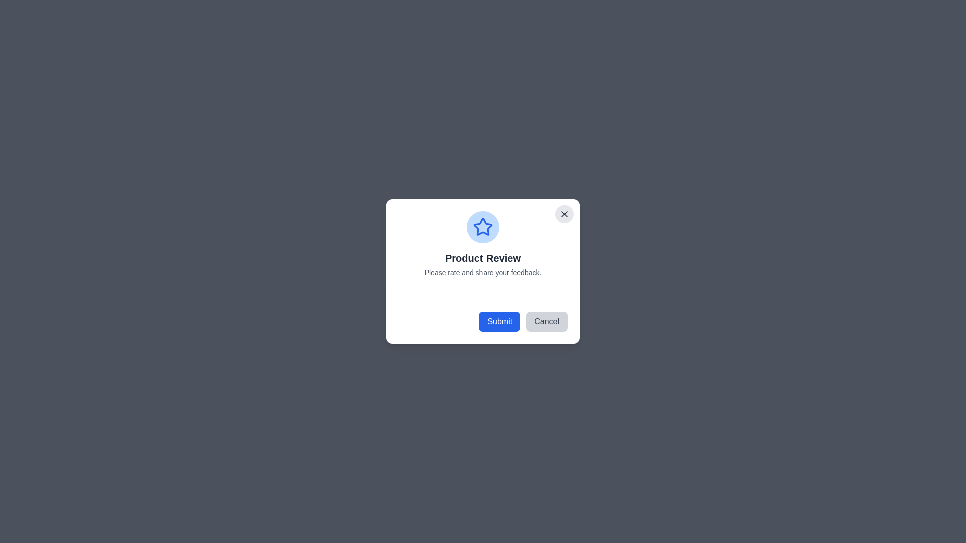 Image resolution: width=966 pixels, height=543 pixels. Describe the element at coordinates (483, 227) in the screenshot. I see `the blue star-shaped icon with a white fill and blue stroke, which is located in the center of the dialog box above the text 'Product Review'` at that location.